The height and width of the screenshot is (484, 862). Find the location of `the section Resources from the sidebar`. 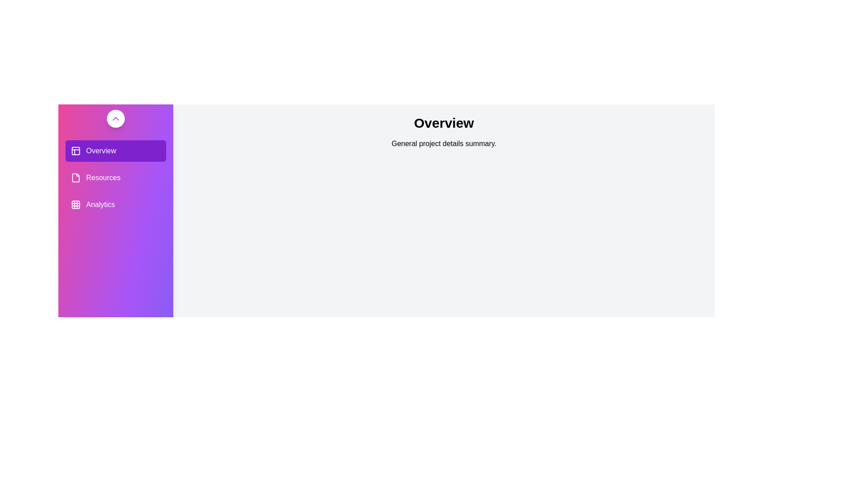

the section Resources from the sidebar is located at coordinates (115, 178).